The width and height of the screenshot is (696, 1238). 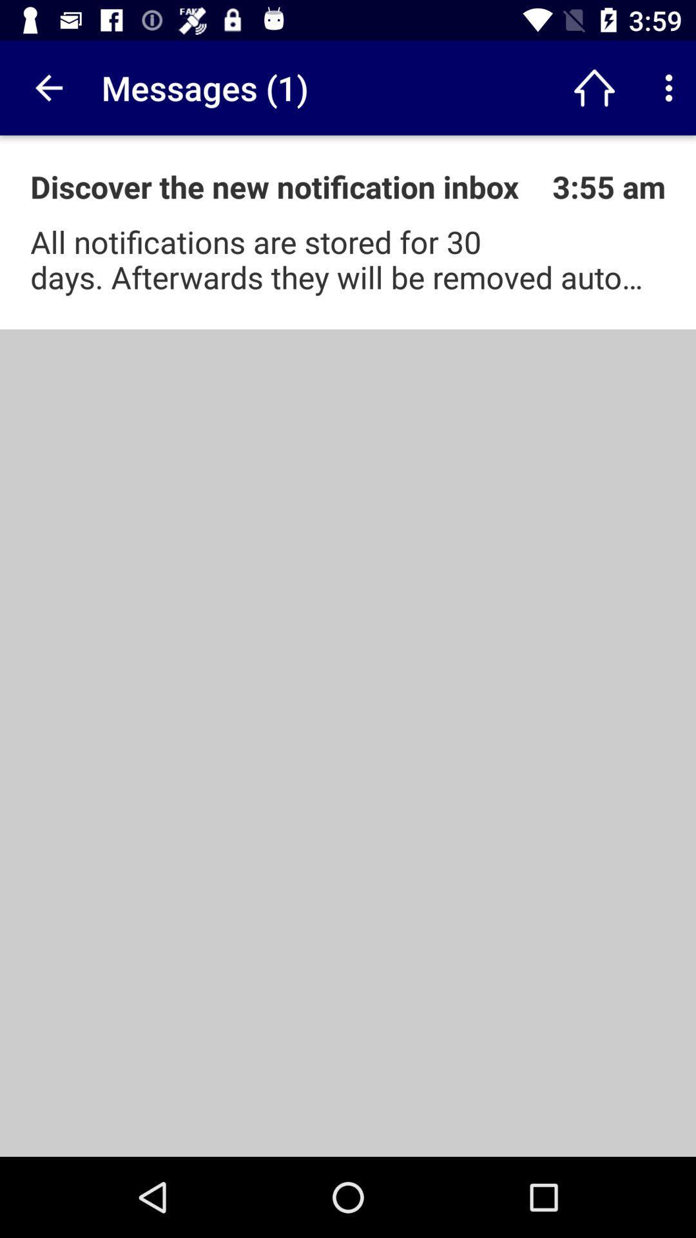 What do you see at coordinates (668, 87) in the screenshot?
I see `open settings menu` at bounding box center [668, 87].